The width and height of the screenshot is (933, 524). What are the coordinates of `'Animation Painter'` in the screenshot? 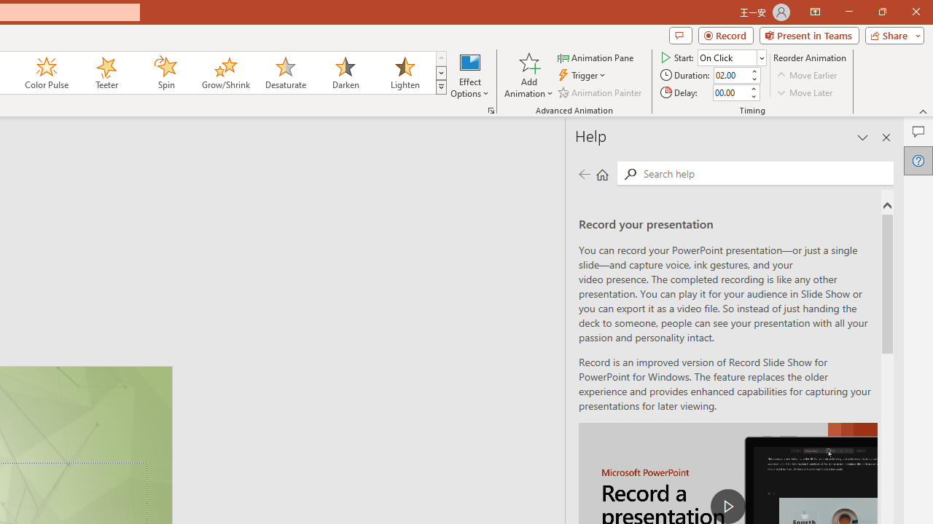 It's located at (601, 92).